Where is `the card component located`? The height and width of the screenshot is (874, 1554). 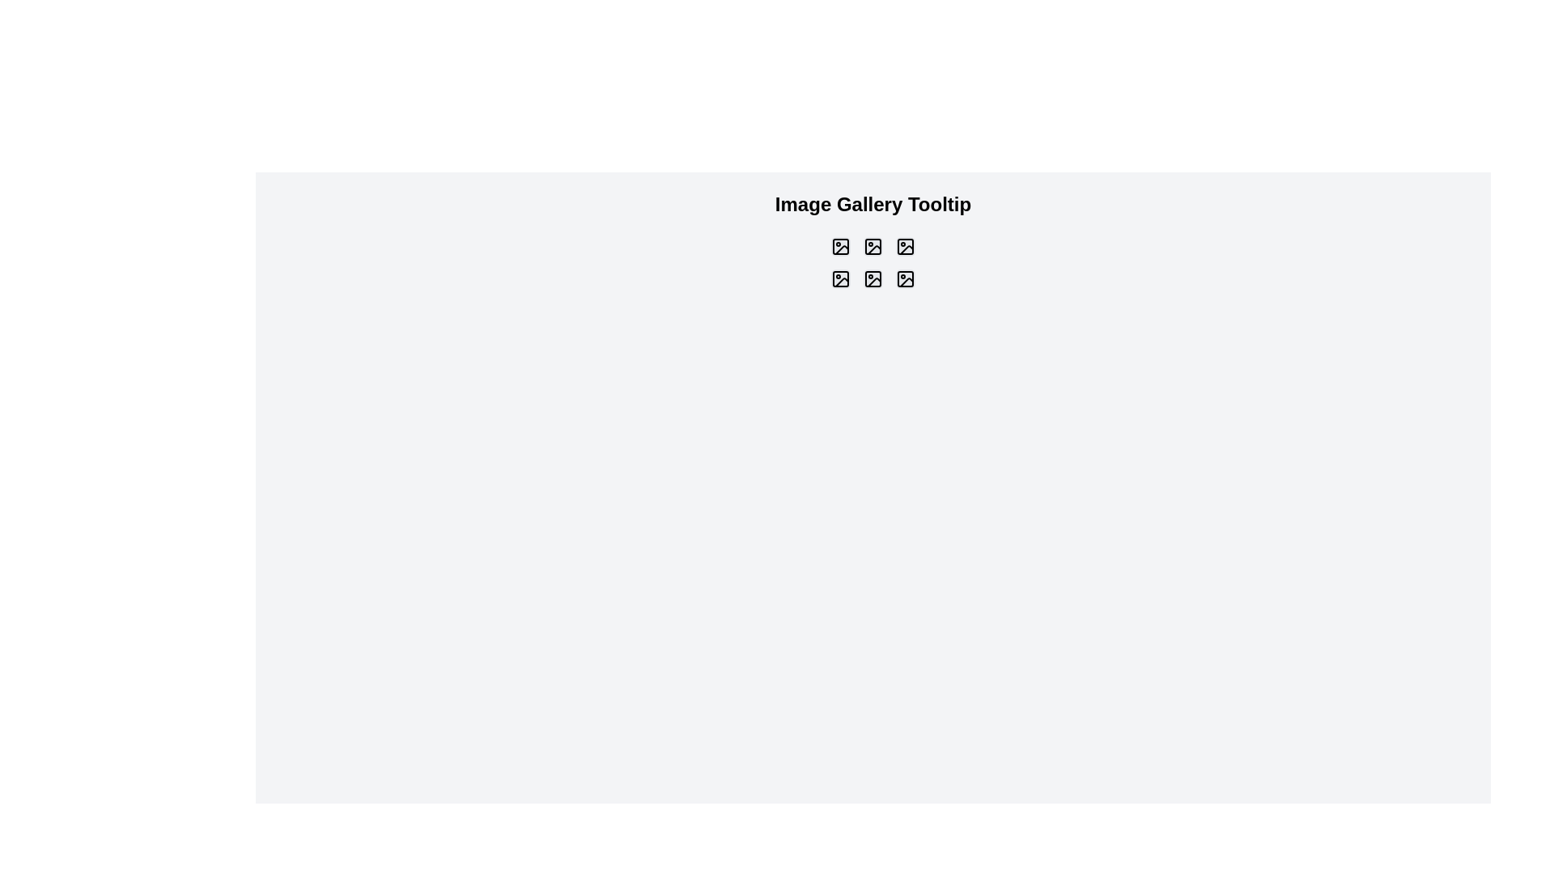
the card component located is located at coordinates (840, 278).